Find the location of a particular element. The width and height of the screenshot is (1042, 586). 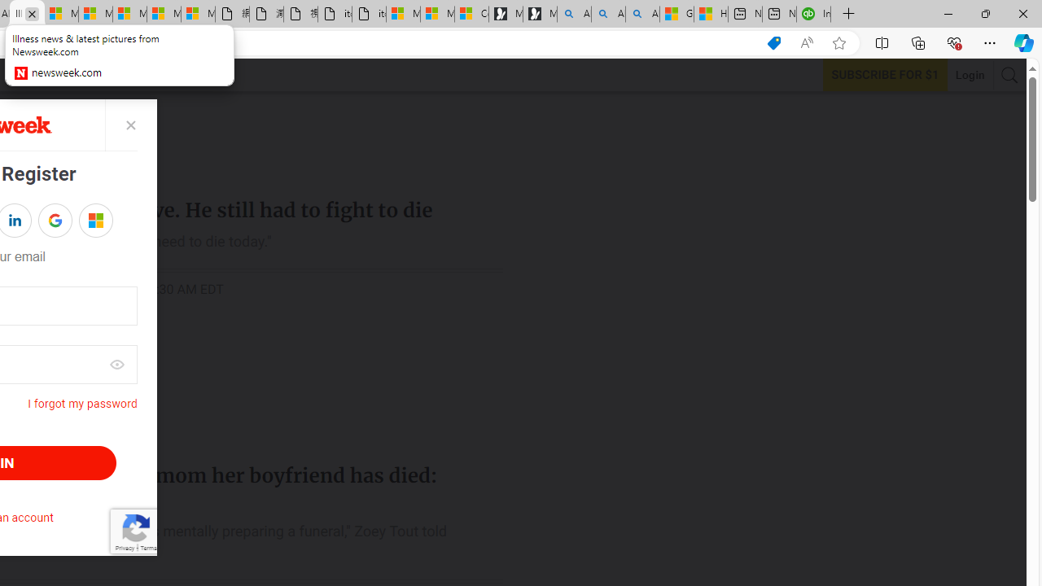

'Consumer Health Data Privacy Policy' is located at coordinates (471, 14).